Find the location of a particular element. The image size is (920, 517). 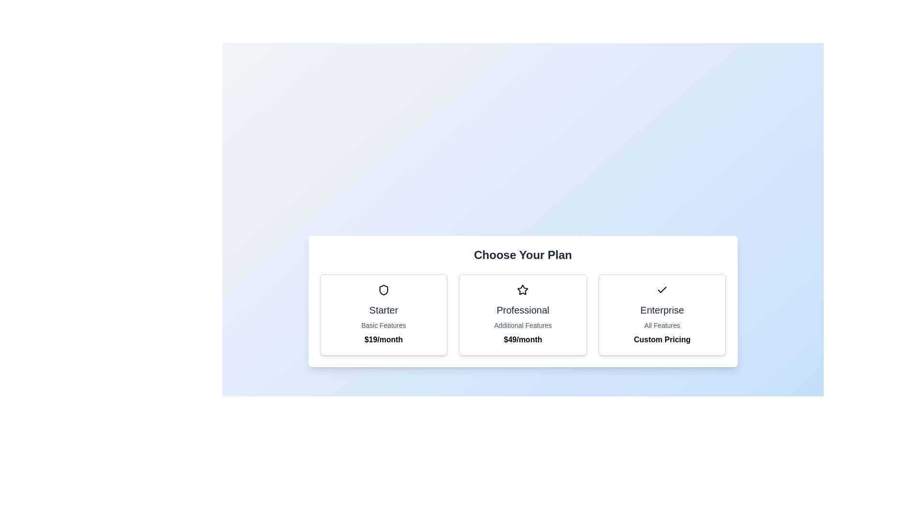

the 'All Features' text label in gray font located in the third card of the 'Choose Your Plan' layout, positioned below the 'Enterprise' title and above the 'Custom Pricing' text is located at coordinates (662, 325).